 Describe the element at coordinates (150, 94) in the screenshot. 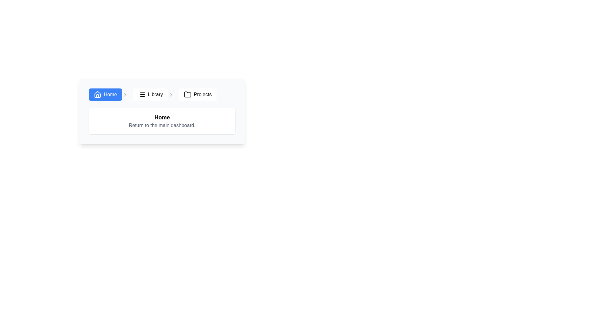

I see `the 'Library' button, which is a rectangular button with a white background and a list icon` at that location.